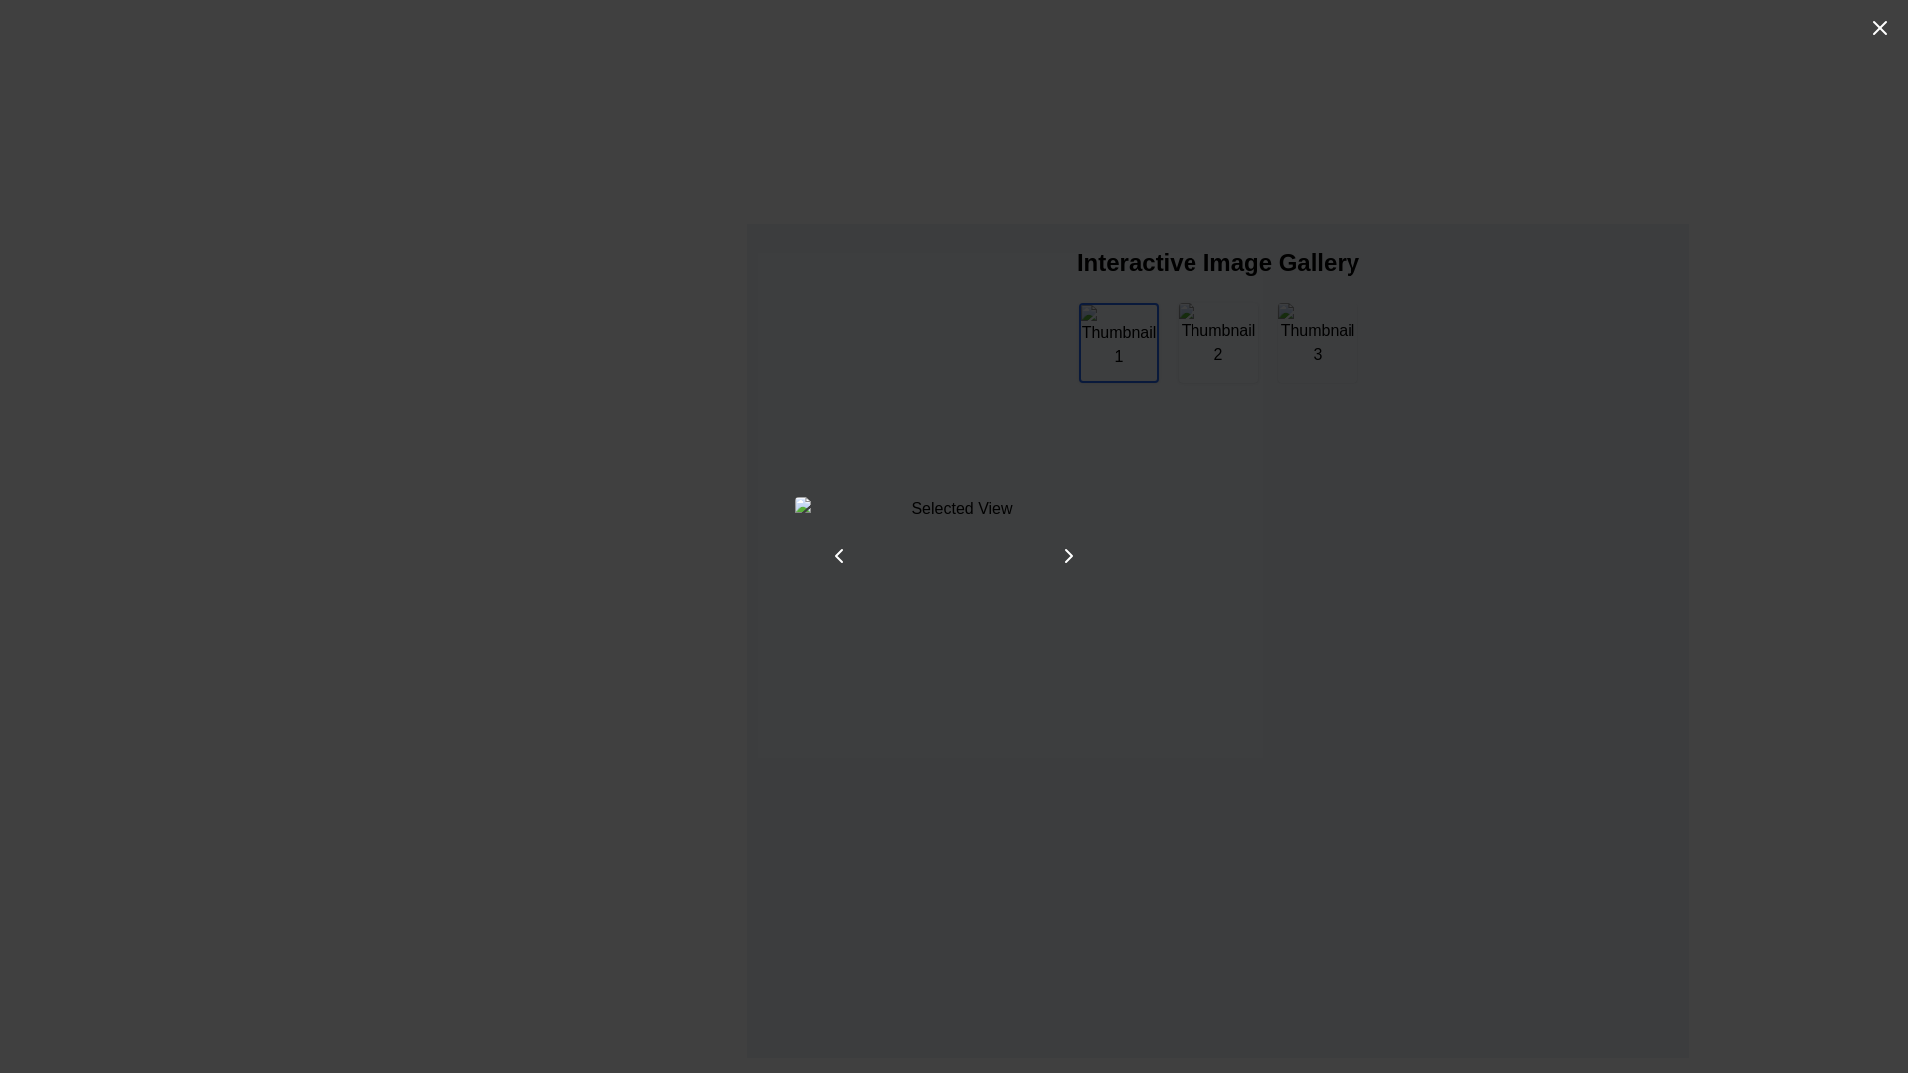 Image resolution: width=1908 pixels, height=1073 pixels. I want to click on the left-pointing chevron icon button, so click(839, 555).